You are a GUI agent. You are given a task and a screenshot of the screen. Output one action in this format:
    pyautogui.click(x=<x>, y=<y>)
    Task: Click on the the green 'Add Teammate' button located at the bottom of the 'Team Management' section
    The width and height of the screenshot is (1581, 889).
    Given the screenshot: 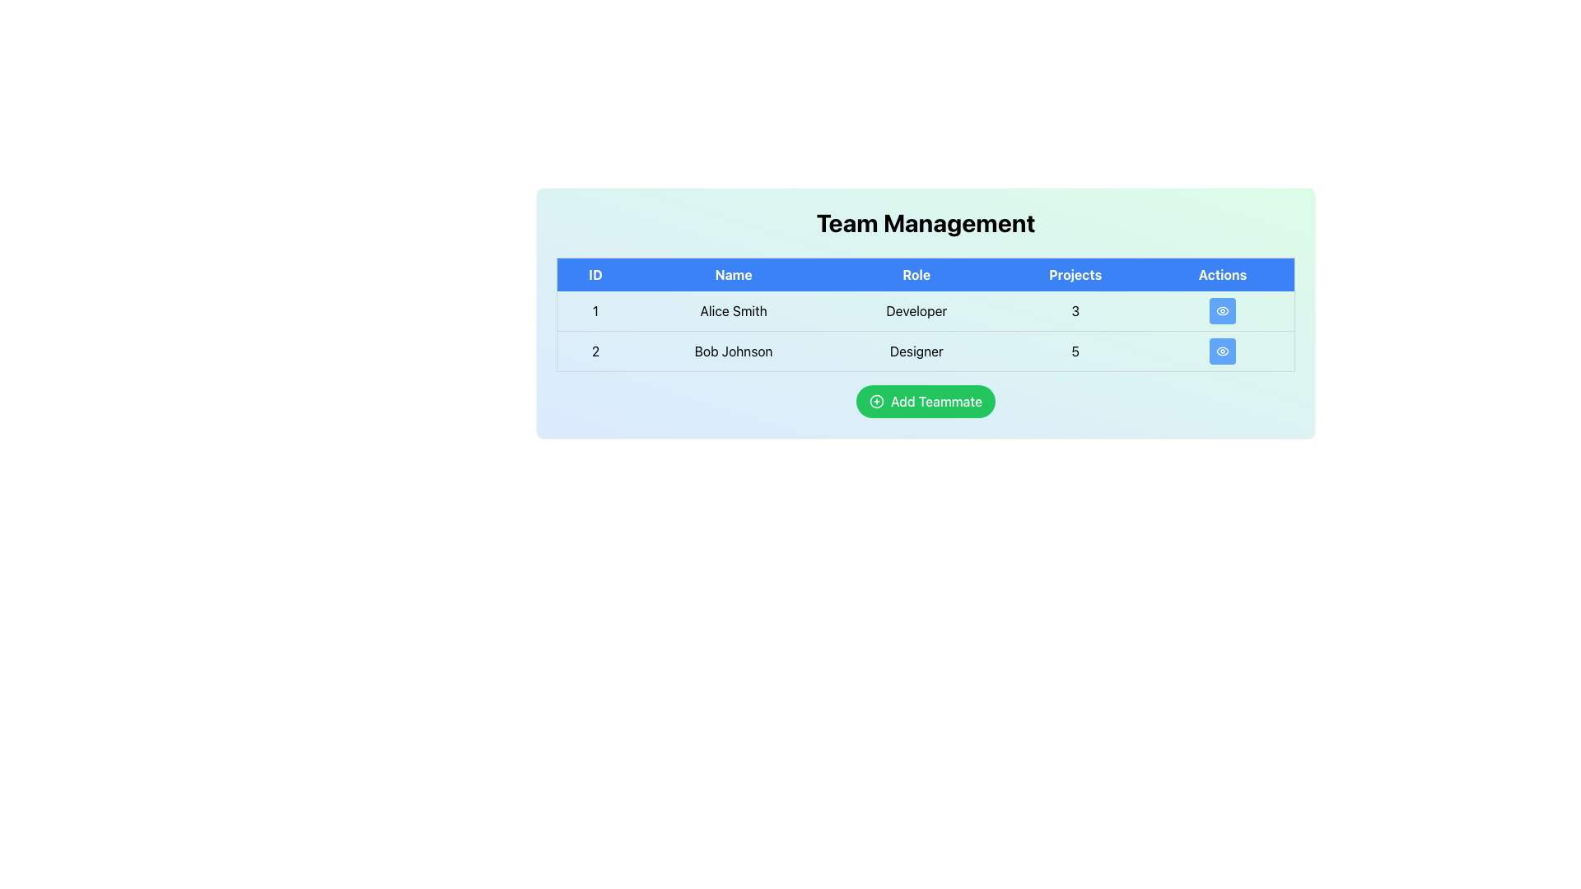 What is the action you would take?
    pyautogui.click(x=926, y=402)
    